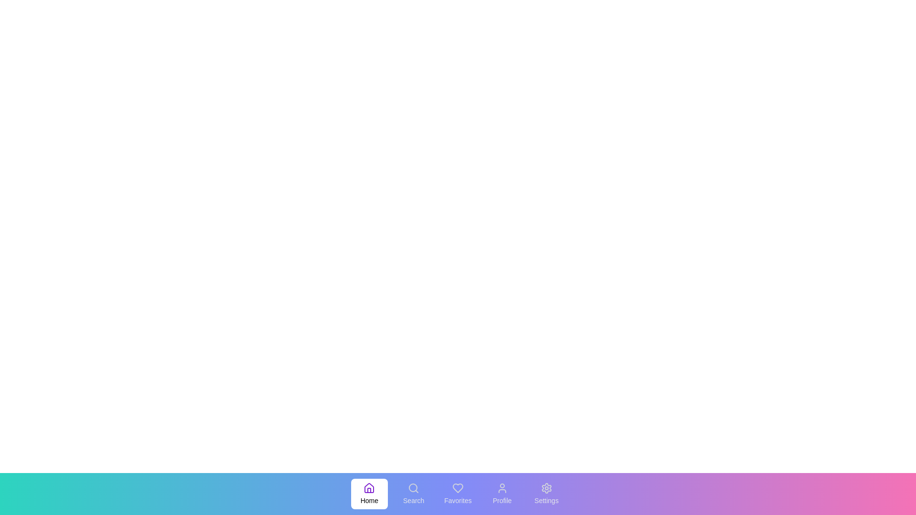  I want to click on the menu item Home by clicking on it, so click(369, 494).